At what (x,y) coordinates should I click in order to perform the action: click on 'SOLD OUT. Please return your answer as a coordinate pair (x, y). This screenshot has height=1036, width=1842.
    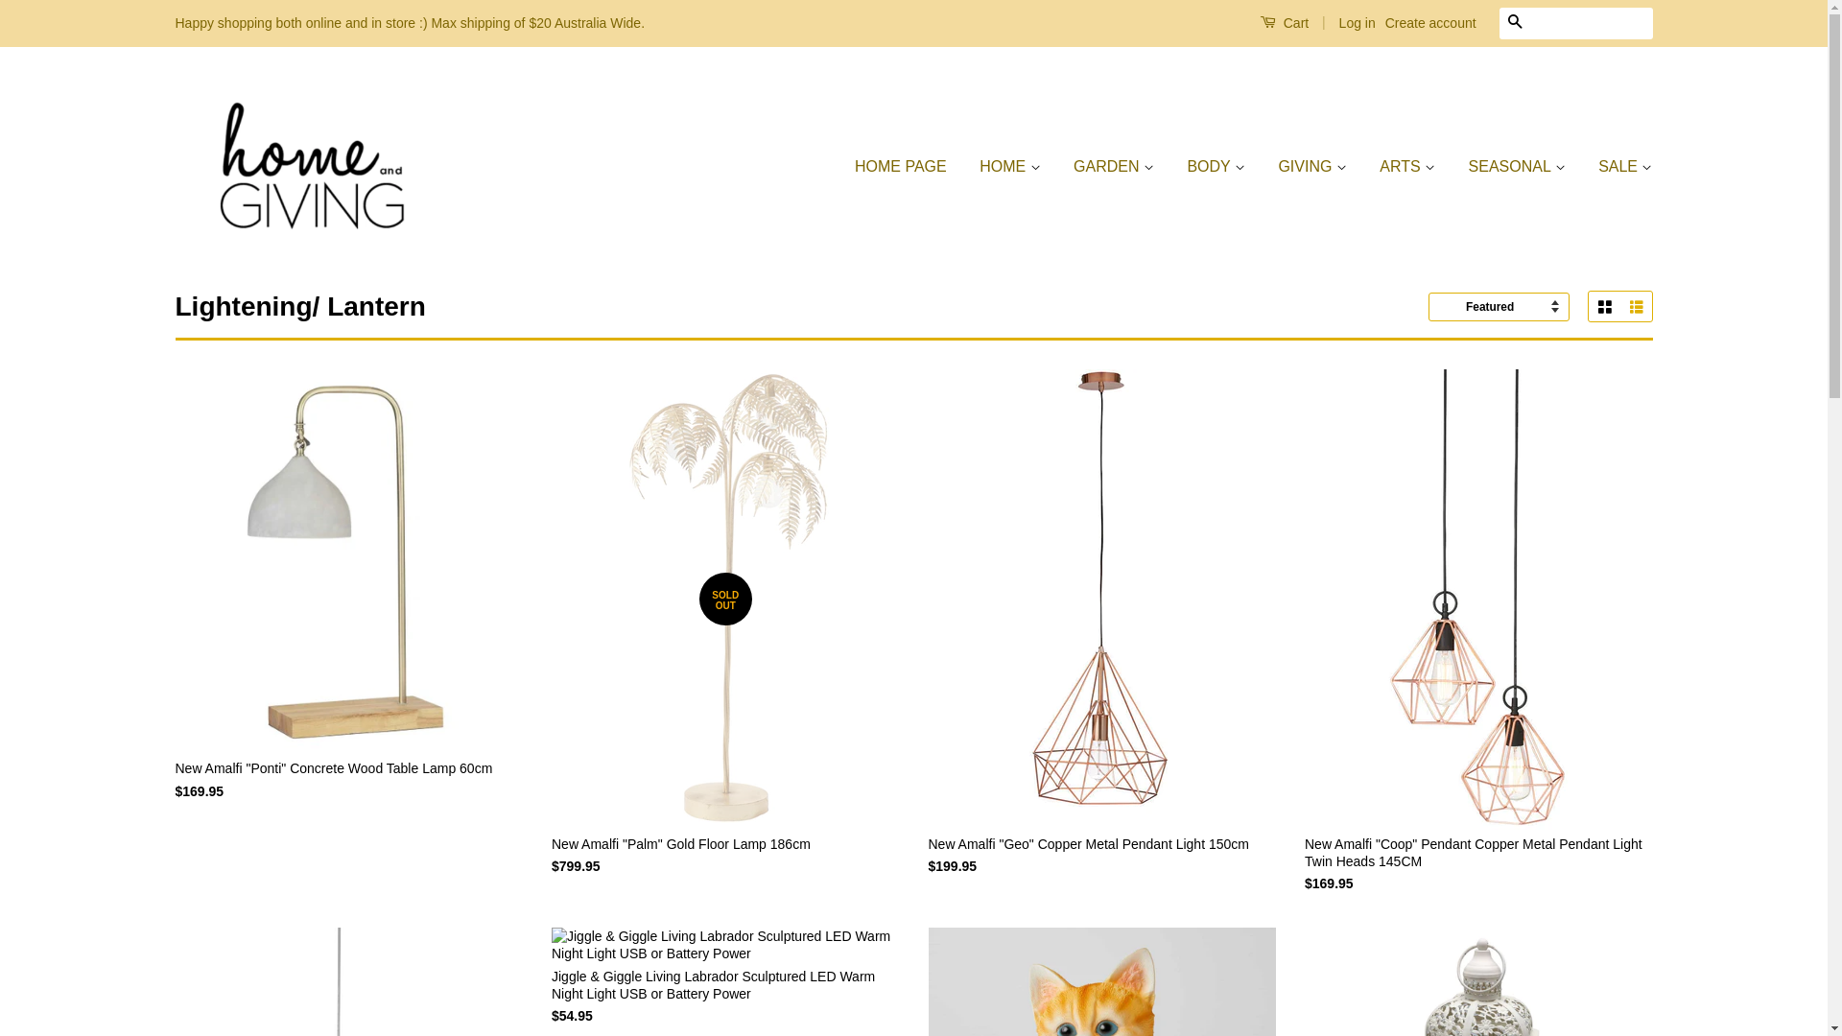
    Looking at the image, I should click on (724, 640).